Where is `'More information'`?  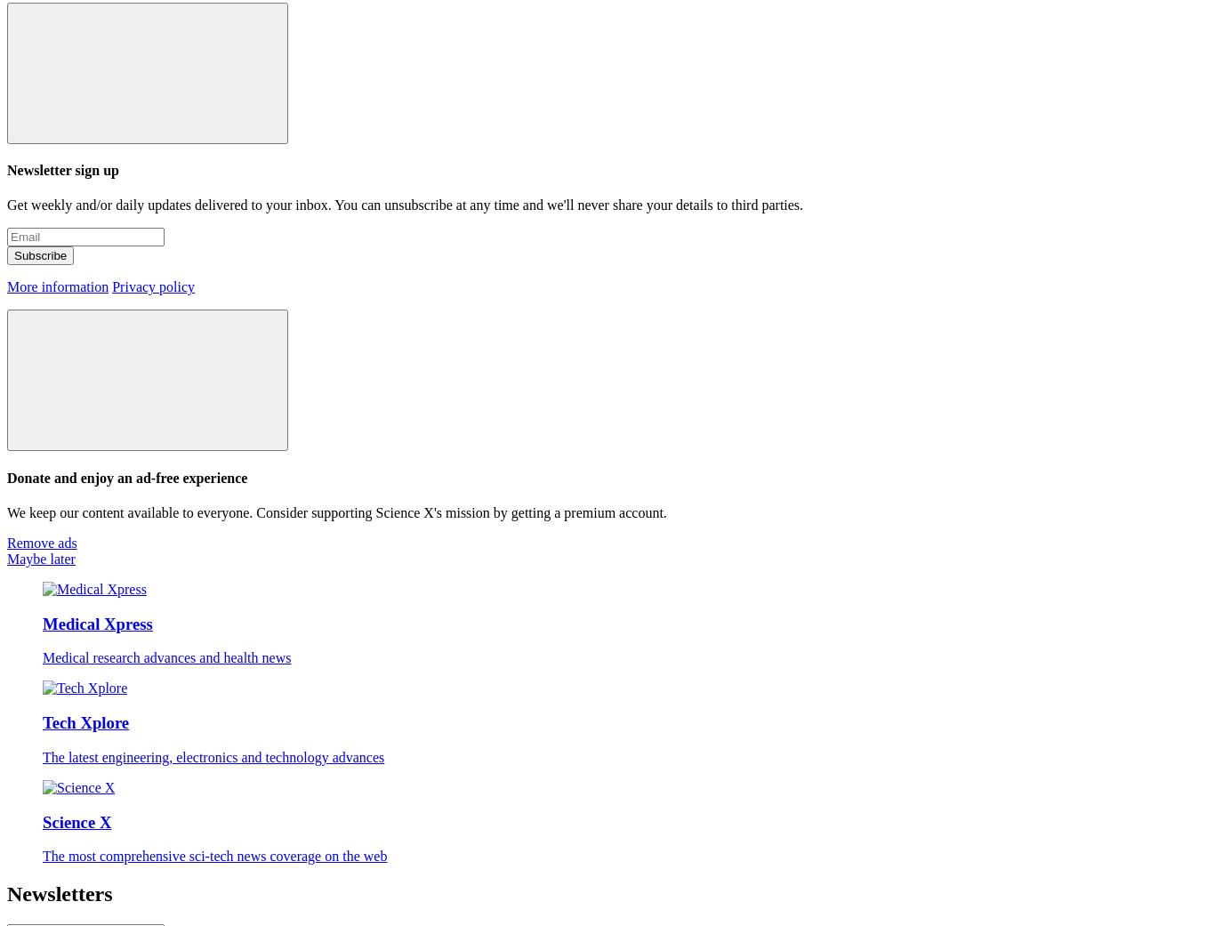
'More information' is located at coordinates (58, 286).